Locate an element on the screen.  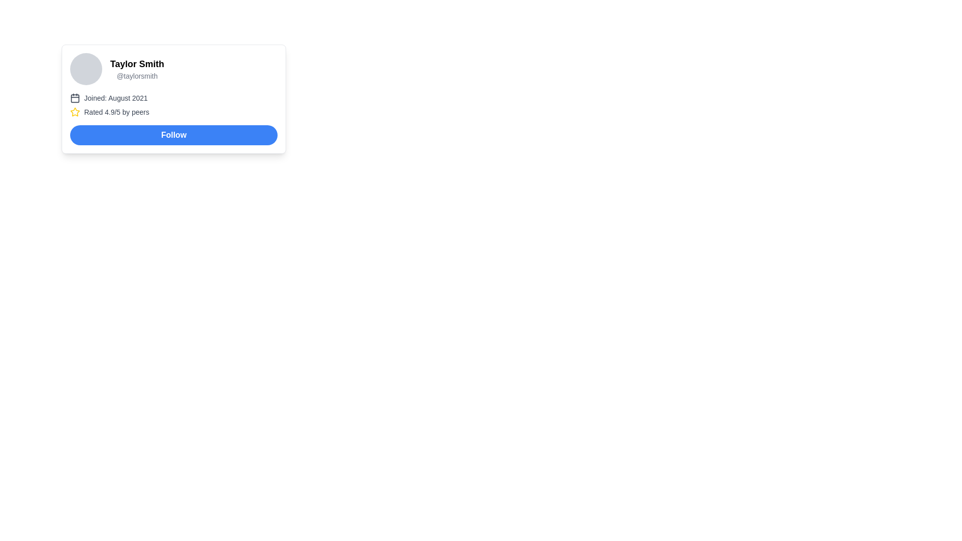
icon representing the user's joined date, located to the left of the text 'Joined: August 2021' in the upper-left corner of the user details section is located at coordinates (74, 98).